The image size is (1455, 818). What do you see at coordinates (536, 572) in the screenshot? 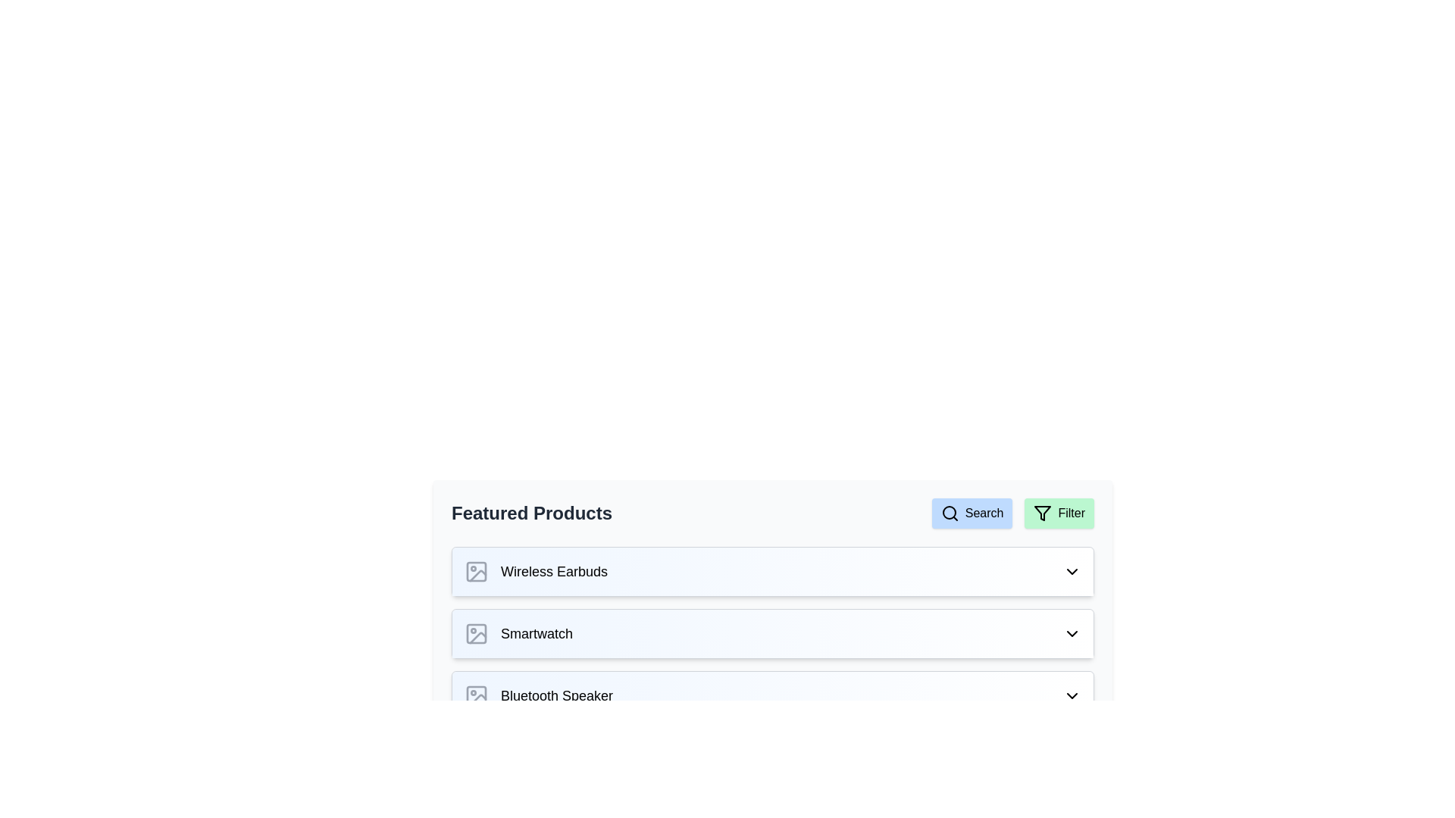
I see `the 'Wireless Earbuds' text label` at bounding box center [536, 572].